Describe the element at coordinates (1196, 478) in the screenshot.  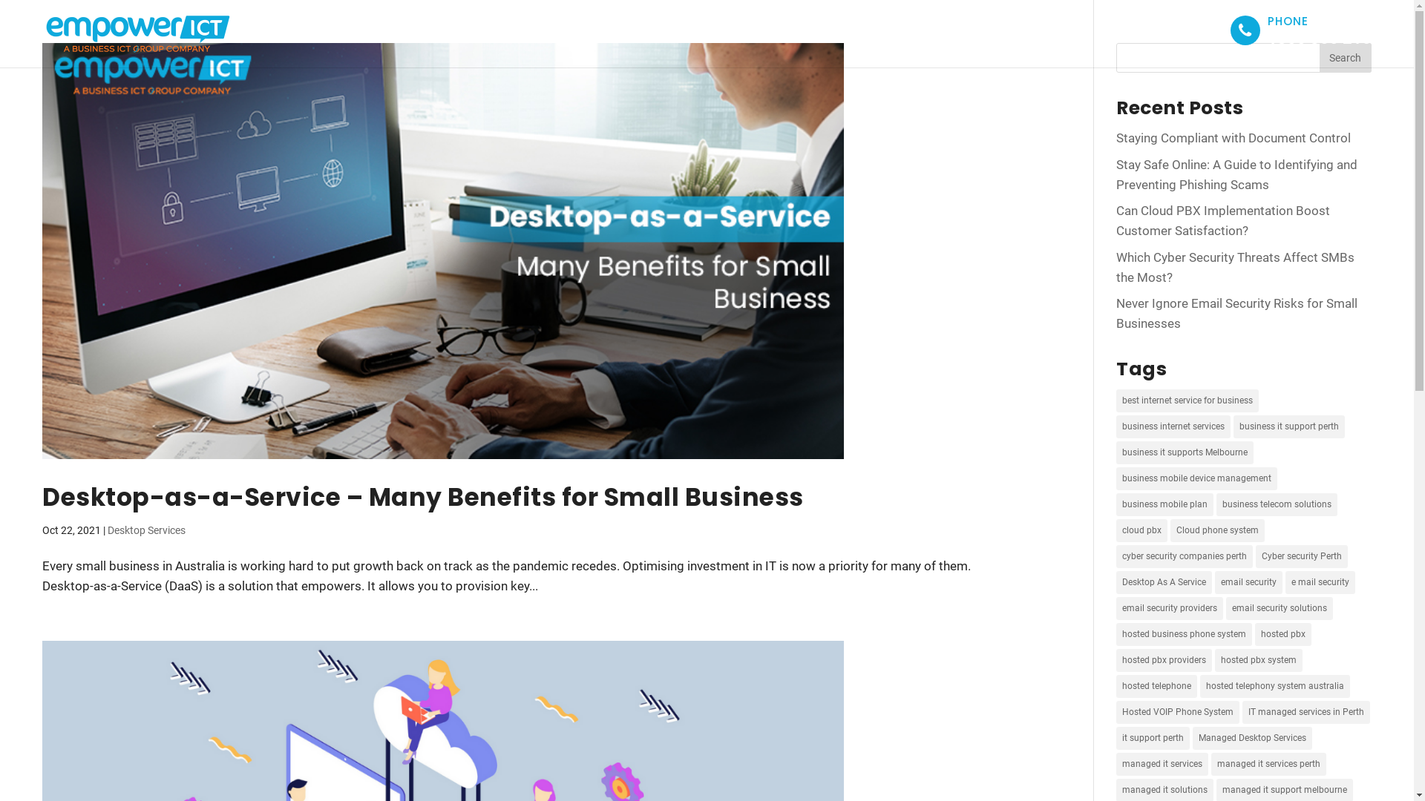
I see `'business mobile device management'` at that location.